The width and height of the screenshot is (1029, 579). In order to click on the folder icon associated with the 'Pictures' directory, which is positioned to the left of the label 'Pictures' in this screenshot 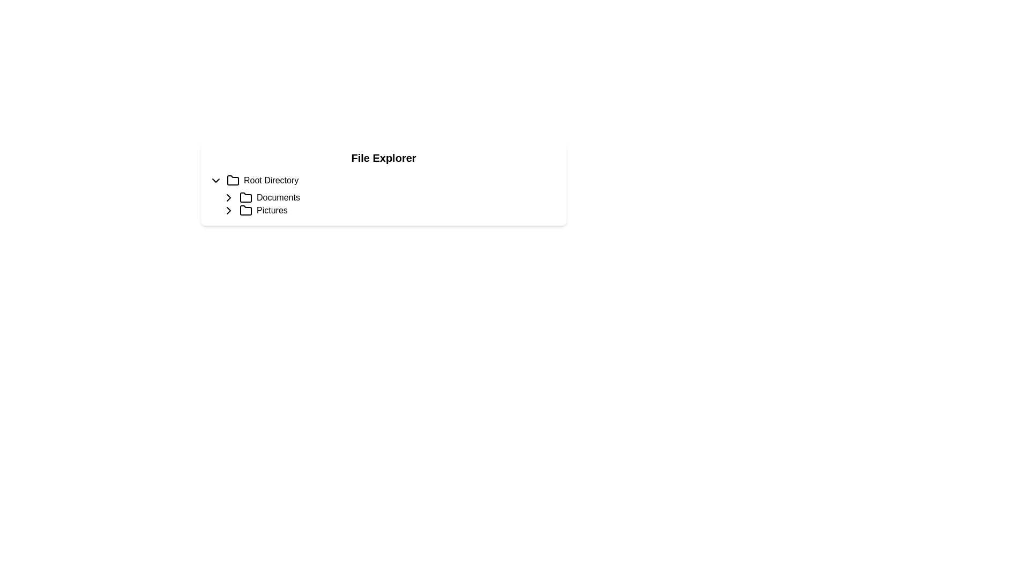, I will do `click(245, 211)`.